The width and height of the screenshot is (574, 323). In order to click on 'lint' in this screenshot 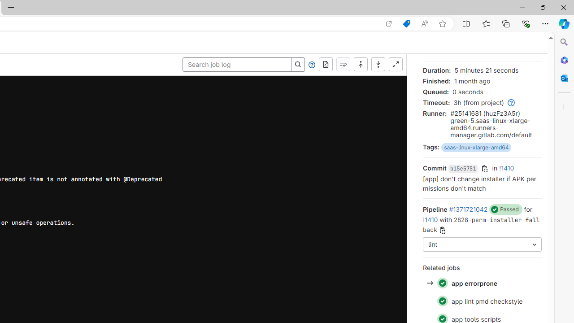, I will do `click(482, 244)`.